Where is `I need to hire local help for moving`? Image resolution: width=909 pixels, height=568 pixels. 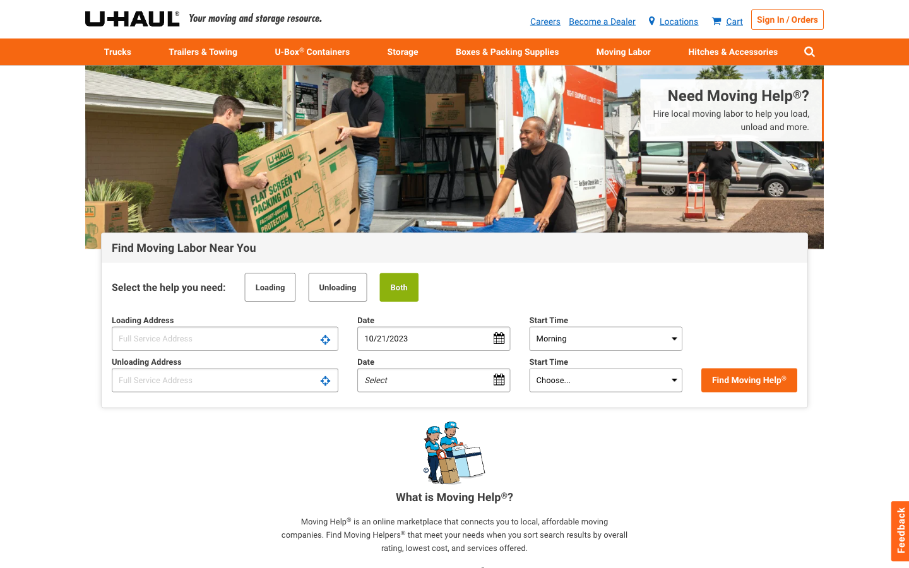 I need to hire local help for moving is located at coordinates (710, 115).